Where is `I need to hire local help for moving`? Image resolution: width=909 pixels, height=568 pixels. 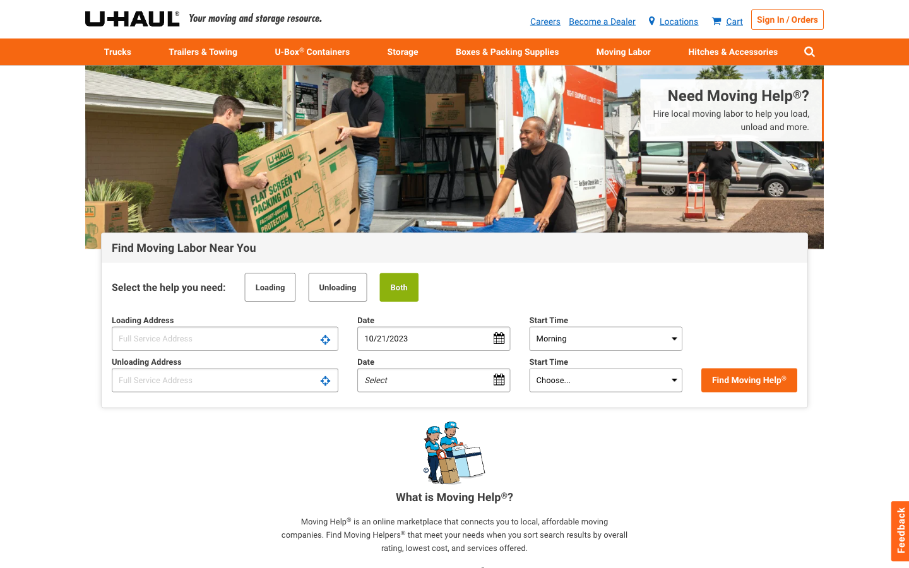 I need to hire local help for moving is located at coordinates (710, 115).